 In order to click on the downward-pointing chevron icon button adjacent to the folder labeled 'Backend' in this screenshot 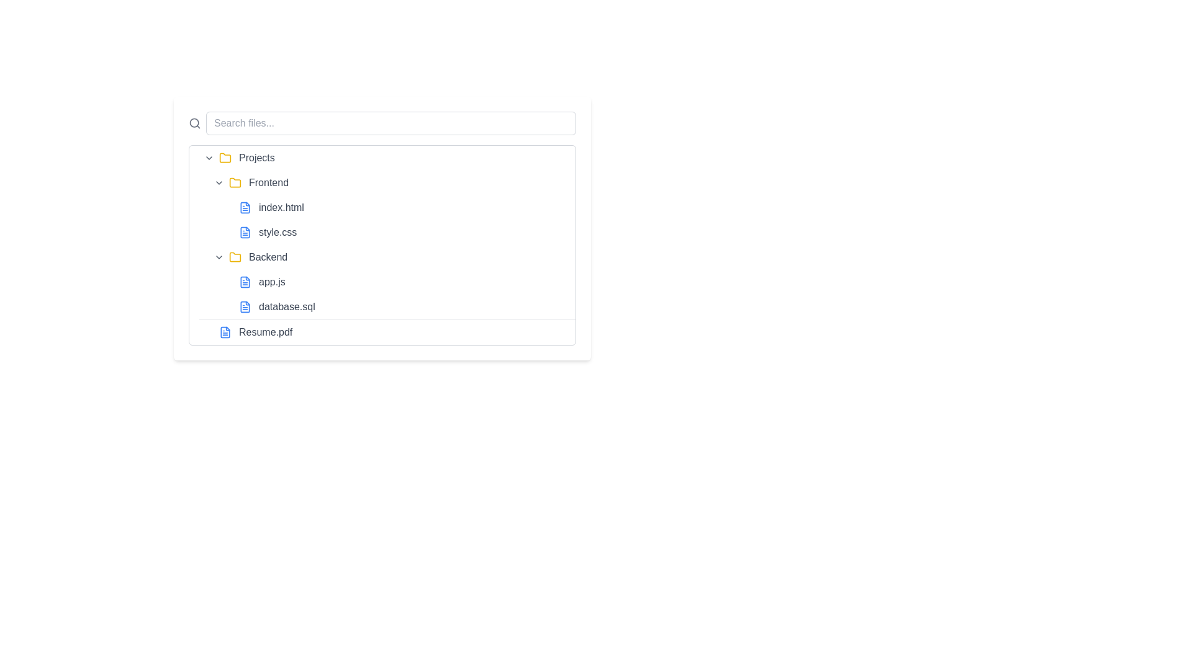, I will do `click(219, 257)`.